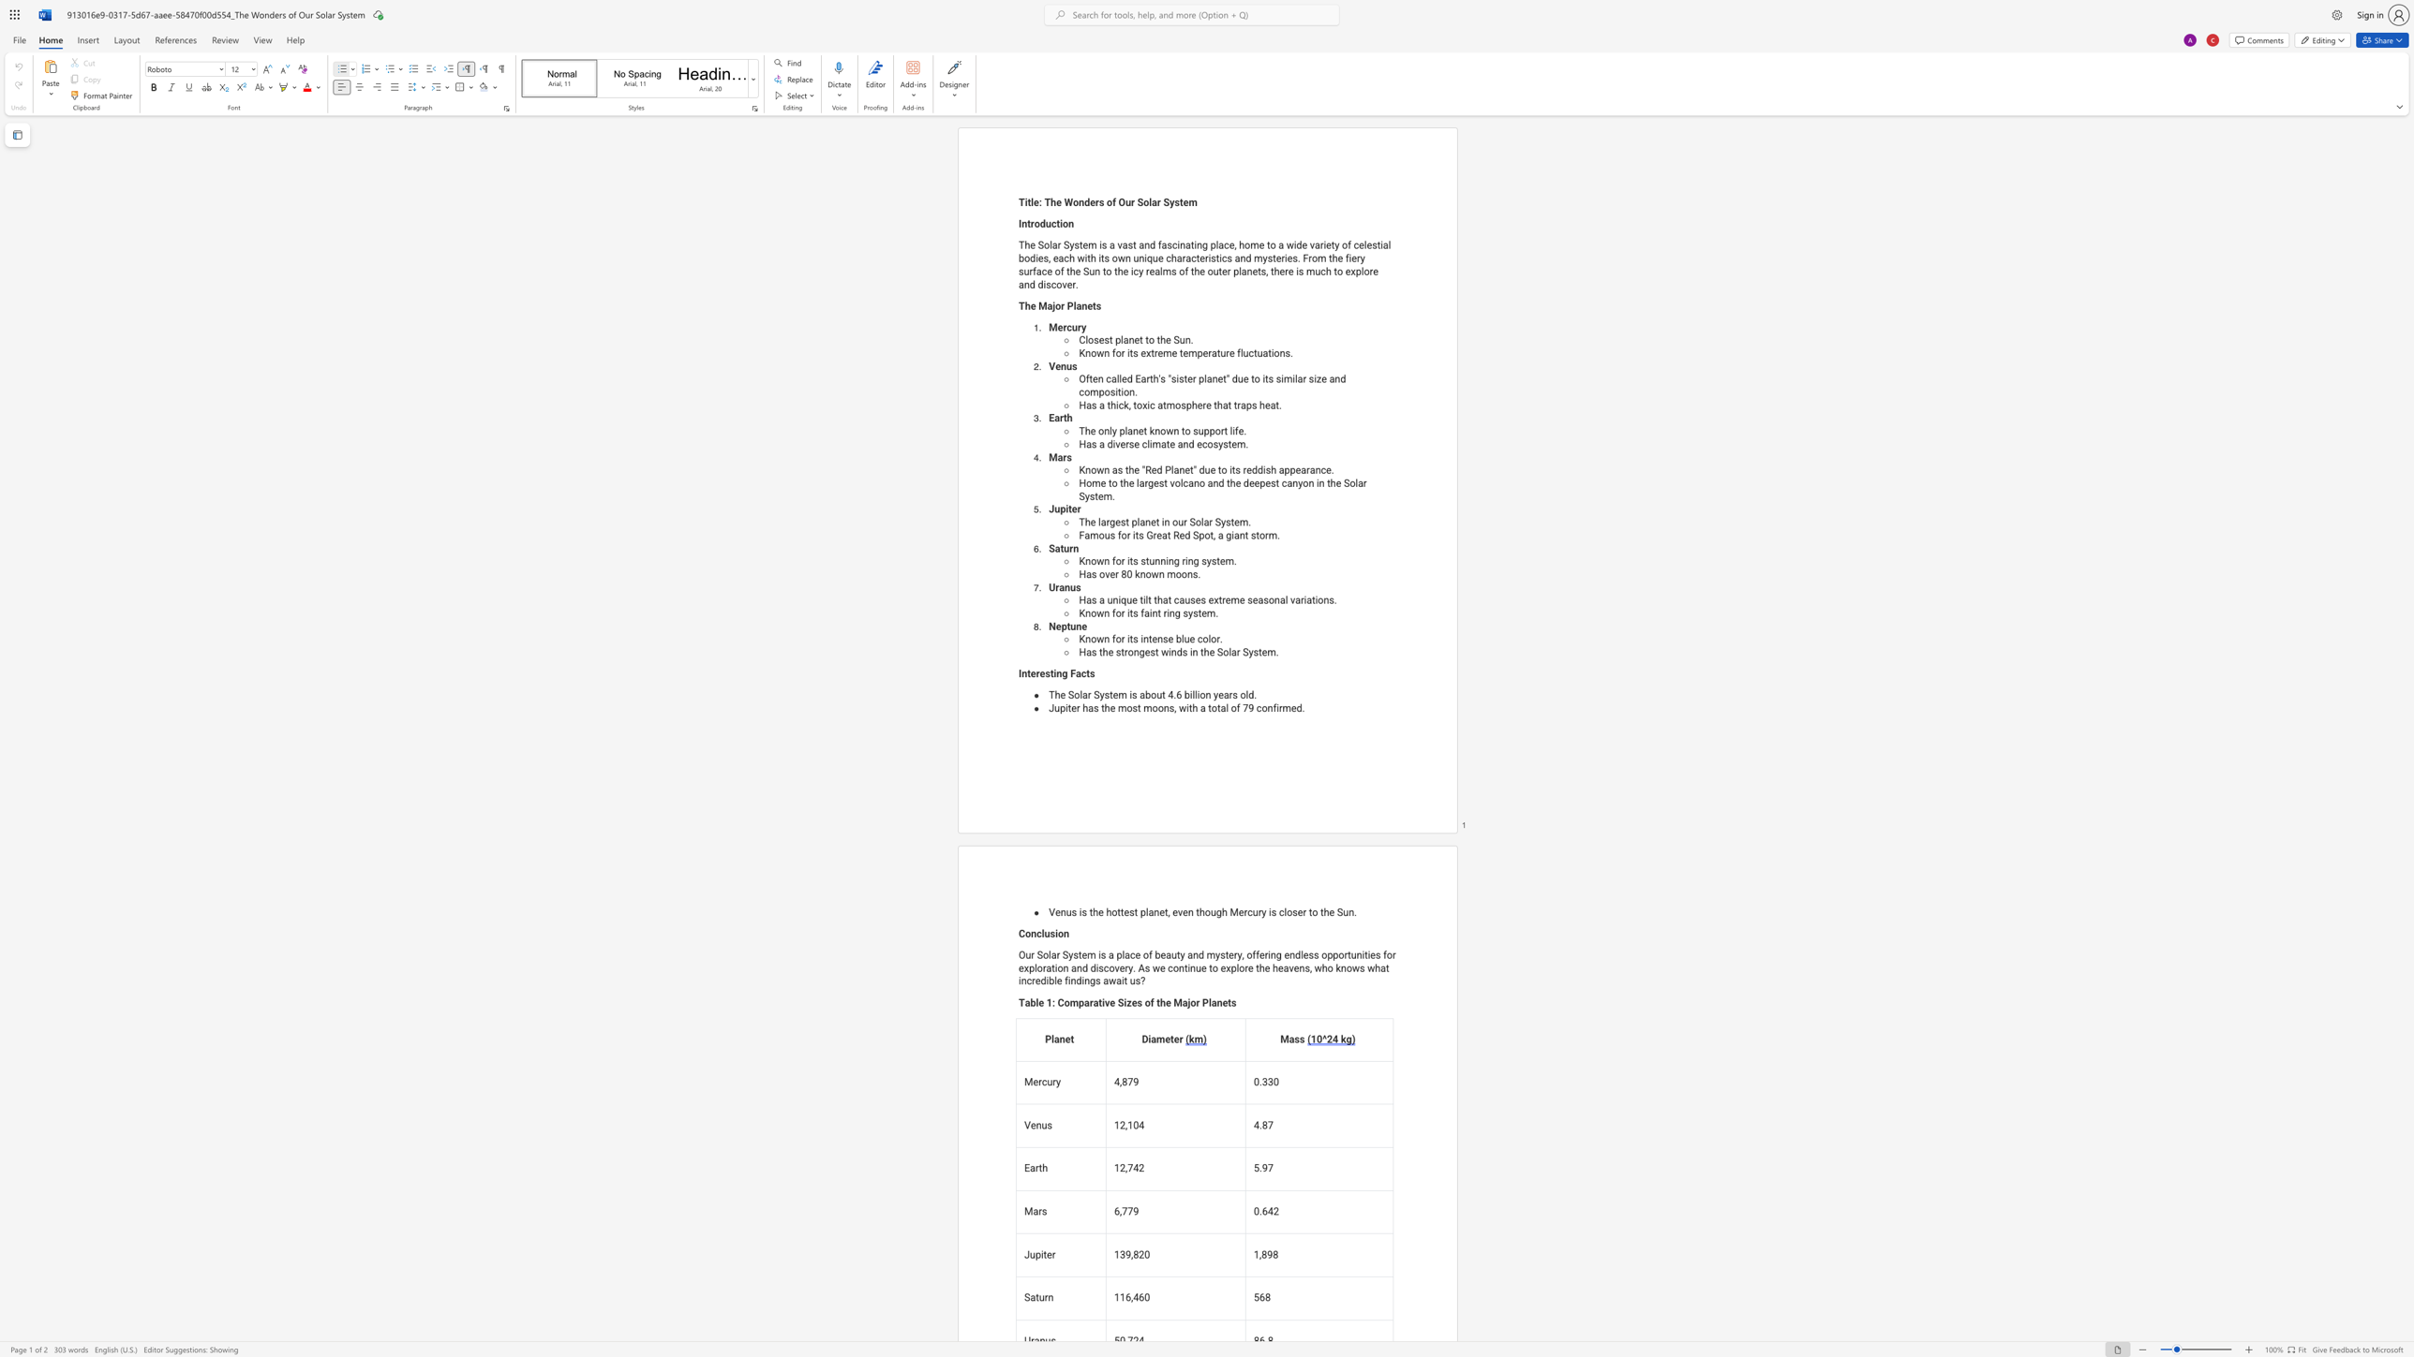 This screenshot has height=1357, width=2414. Describe the element at coordinates (1118, 694) in the screenshot. I see `the space between the continuous character "e" and "m" in the text` at that location.